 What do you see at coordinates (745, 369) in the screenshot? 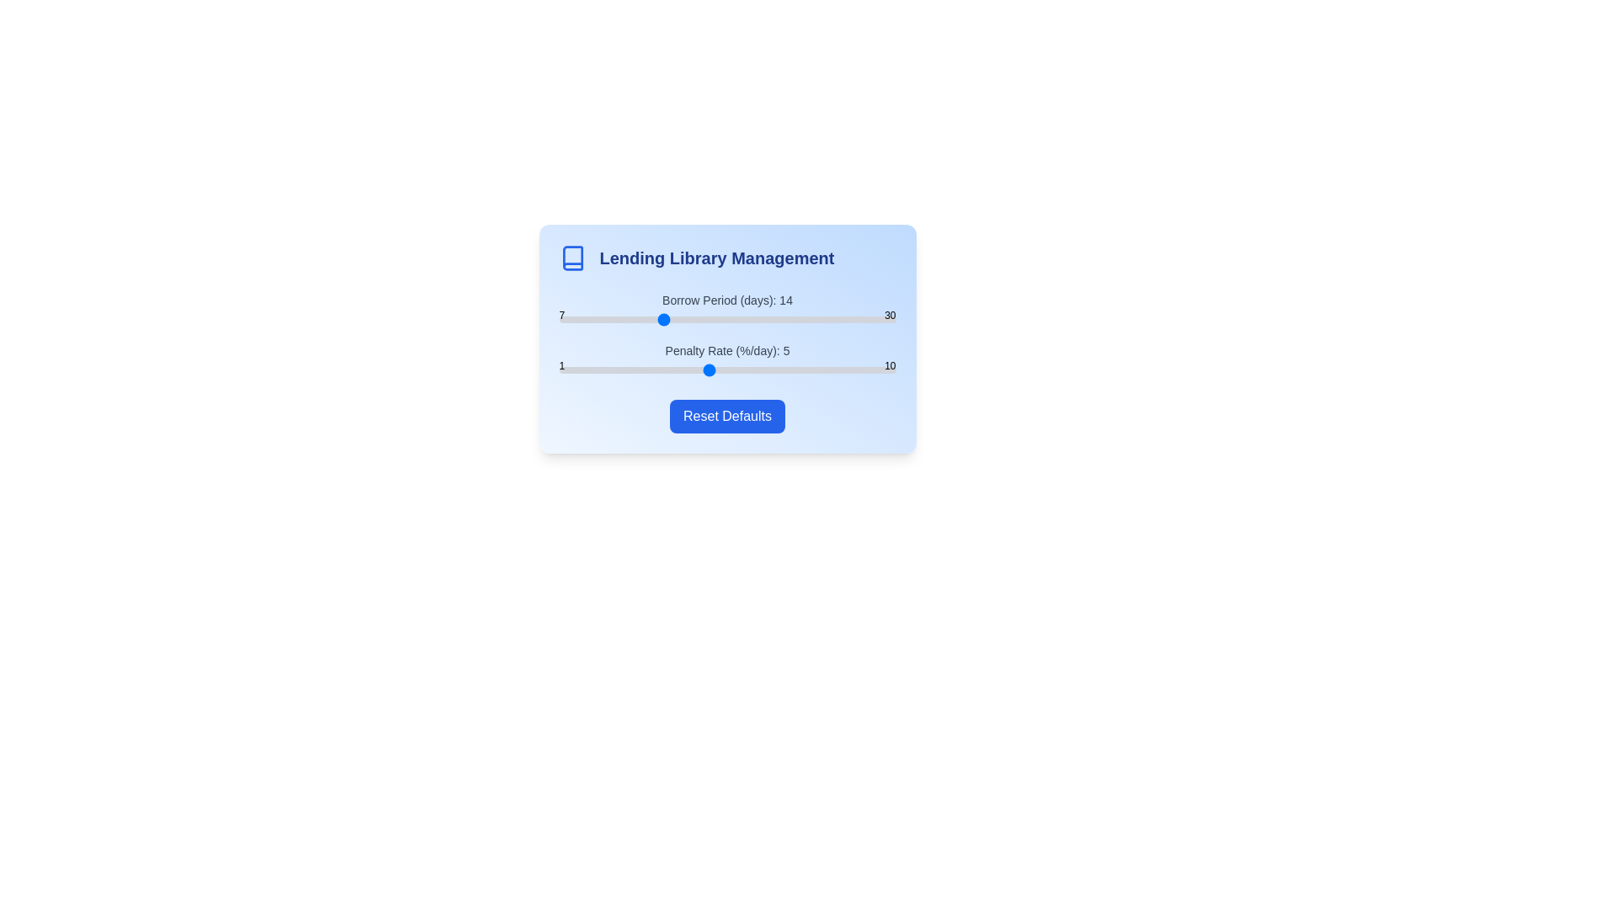
I see `the 'Penalty Rate' slider to set the penalty rate to 6%` at bounding box center [745, 369].